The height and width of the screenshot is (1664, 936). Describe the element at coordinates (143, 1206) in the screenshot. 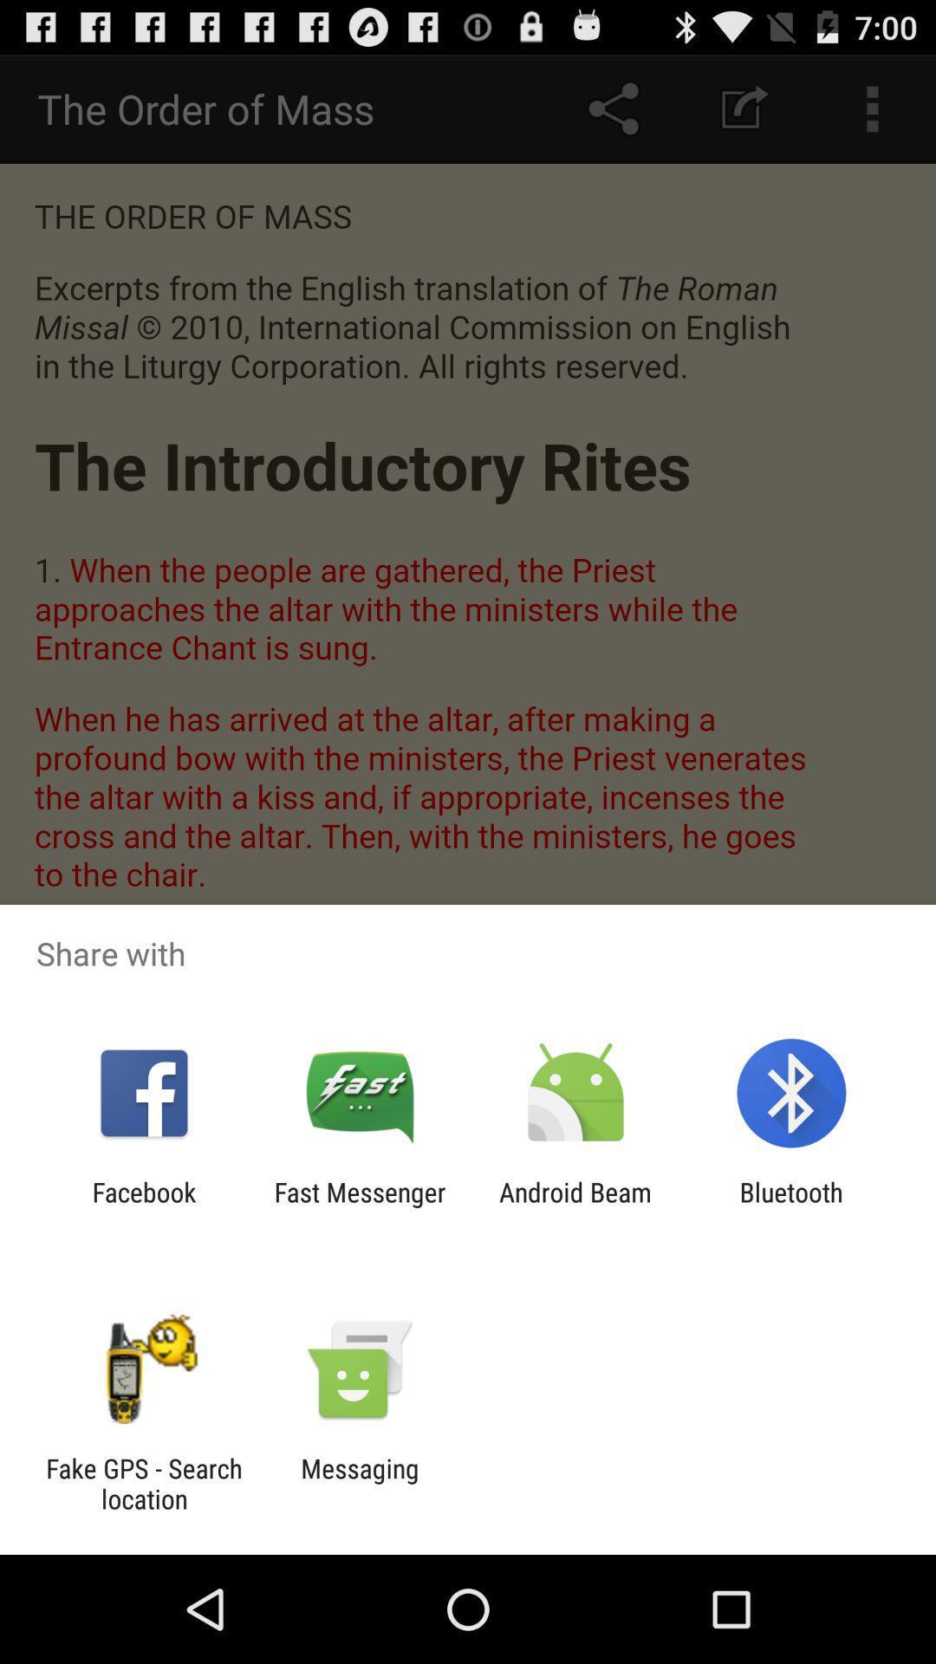

I see `item to the left of fast messenger app` at that location.